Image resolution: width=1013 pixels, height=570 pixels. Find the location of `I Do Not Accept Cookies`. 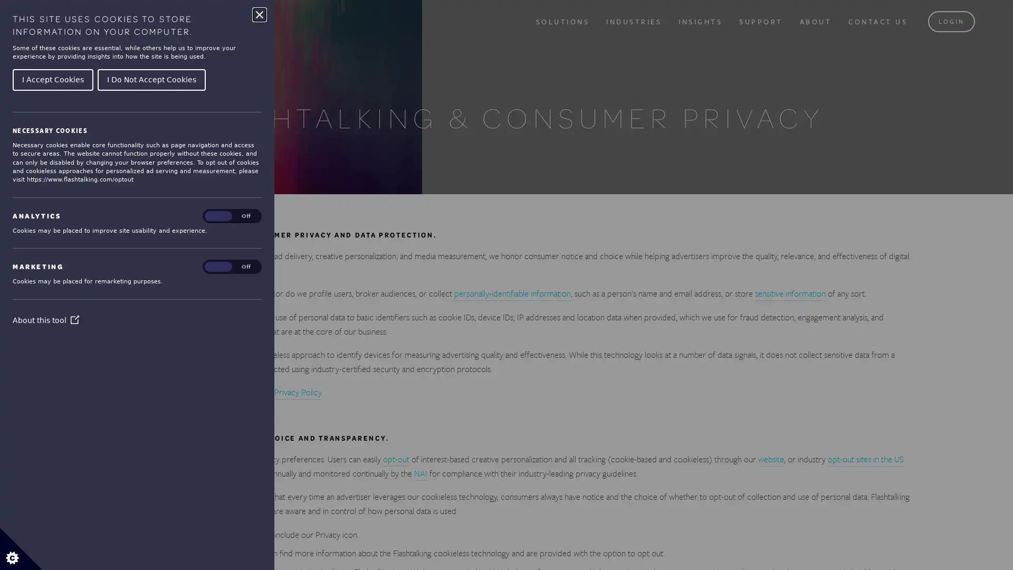

I Do Not Accept Cookies is located at coordinates (151, 79).